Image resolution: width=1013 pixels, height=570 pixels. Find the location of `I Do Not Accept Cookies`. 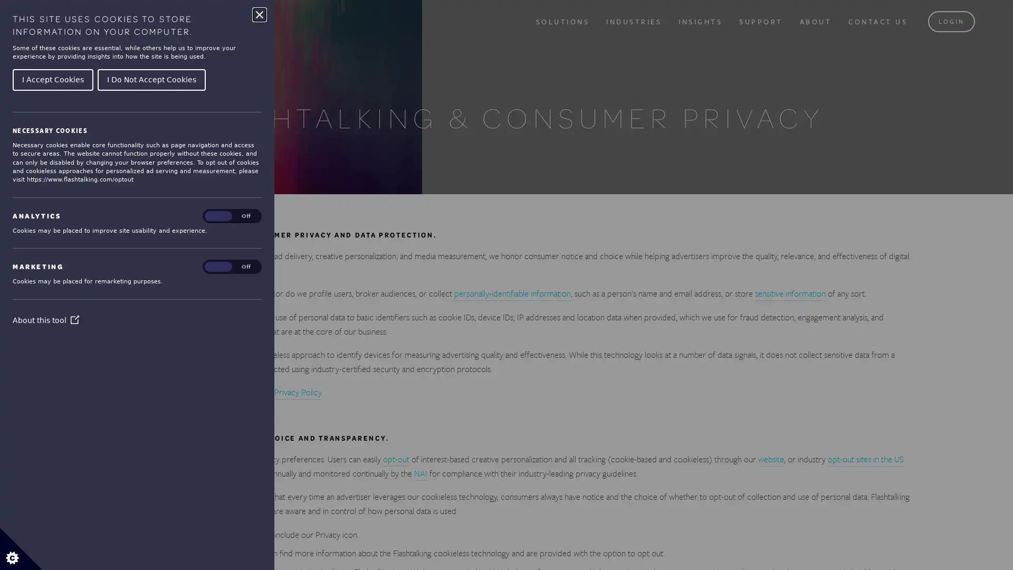

I Do Not Accept Cookies is located at coordinates (151, 79).